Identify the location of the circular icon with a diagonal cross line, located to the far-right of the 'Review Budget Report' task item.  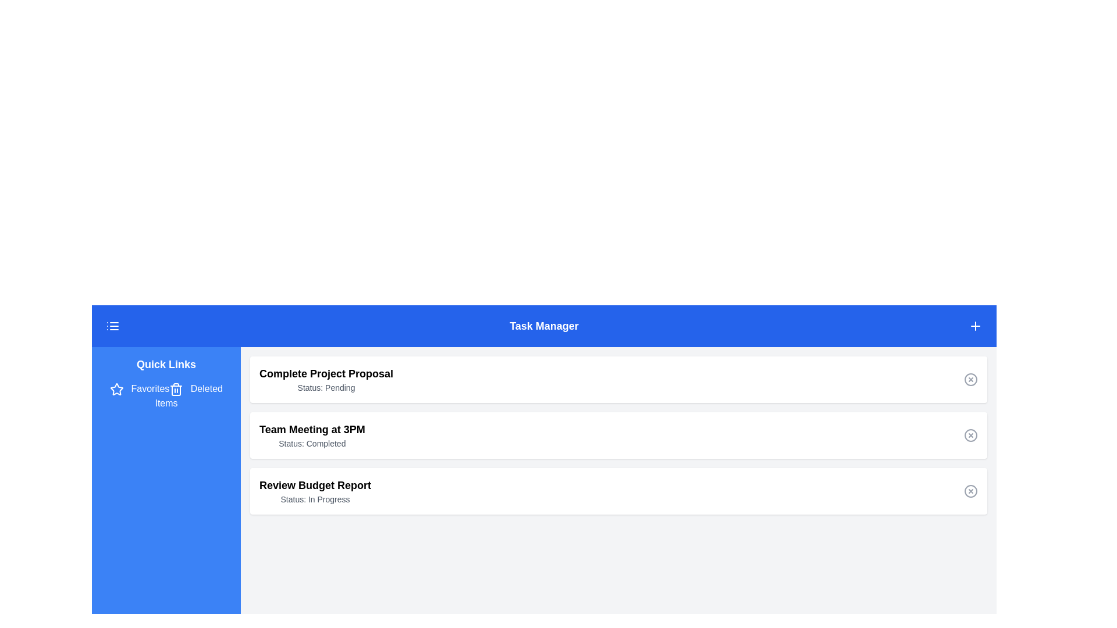
(971, 491).